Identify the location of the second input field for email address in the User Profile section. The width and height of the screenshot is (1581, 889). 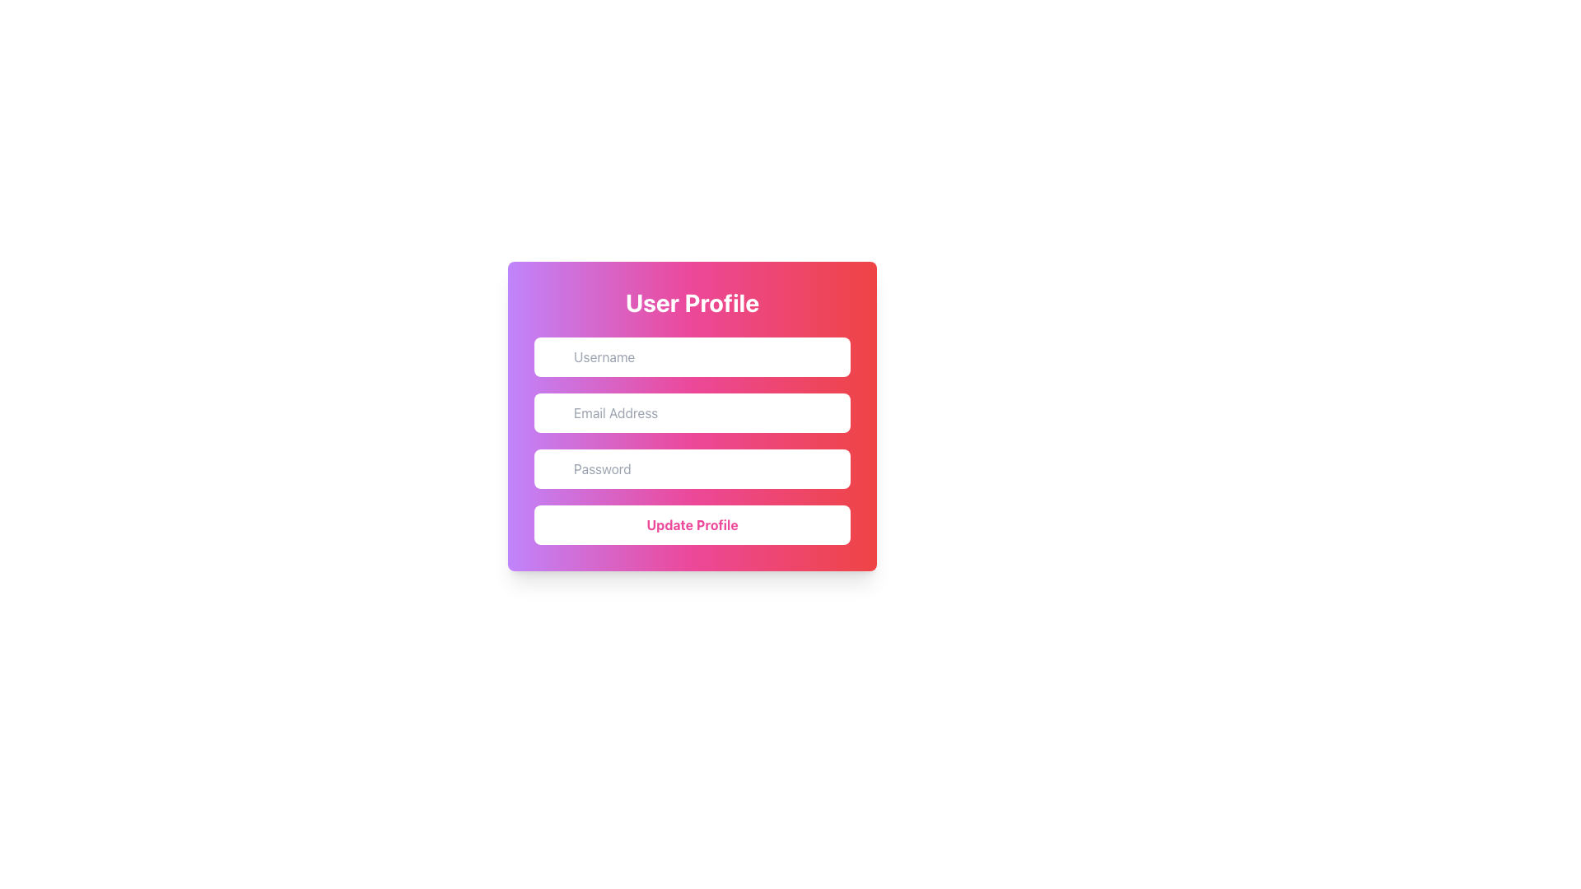
(692, 415).